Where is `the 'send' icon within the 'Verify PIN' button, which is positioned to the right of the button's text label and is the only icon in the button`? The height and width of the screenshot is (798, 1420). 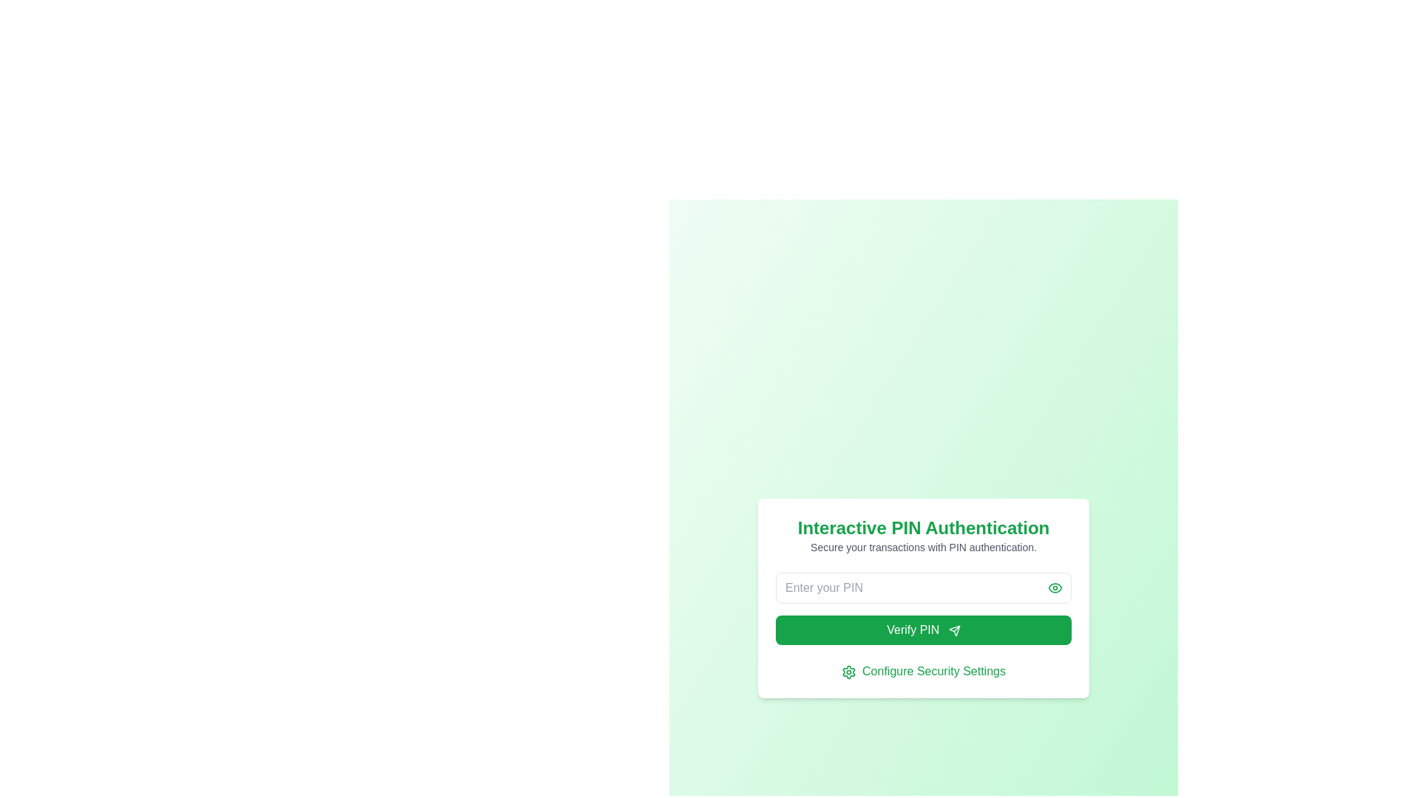
the 'send' icon within the 'Verify PIN' button, which is positioned to the right of the button's text label and is the only icon in the button is located at coordinates (954, 630).